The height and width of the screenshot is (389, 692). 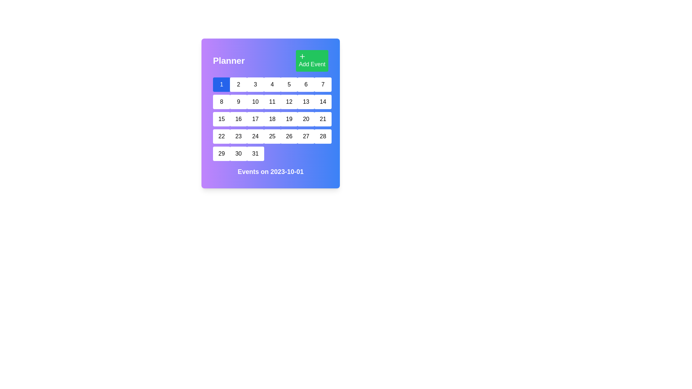 I want to click on the button displaying the number '21', so click(x=323, y=119).